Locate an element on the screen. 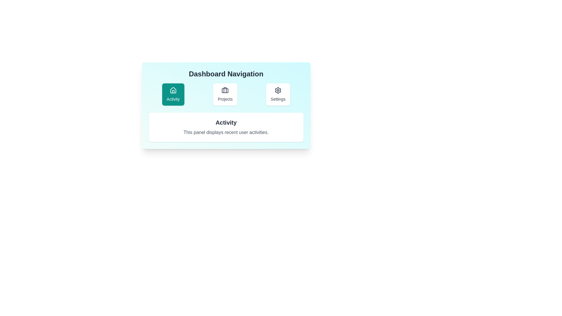 The height and width of the screenshot is (316, 562). the cogwheel-shaped icon representing settings, located above the 'Settings' label in the rightmost card below the 'Dashboard Navigation' heading, to begin settings configuration is located at coordinates (278, 90).